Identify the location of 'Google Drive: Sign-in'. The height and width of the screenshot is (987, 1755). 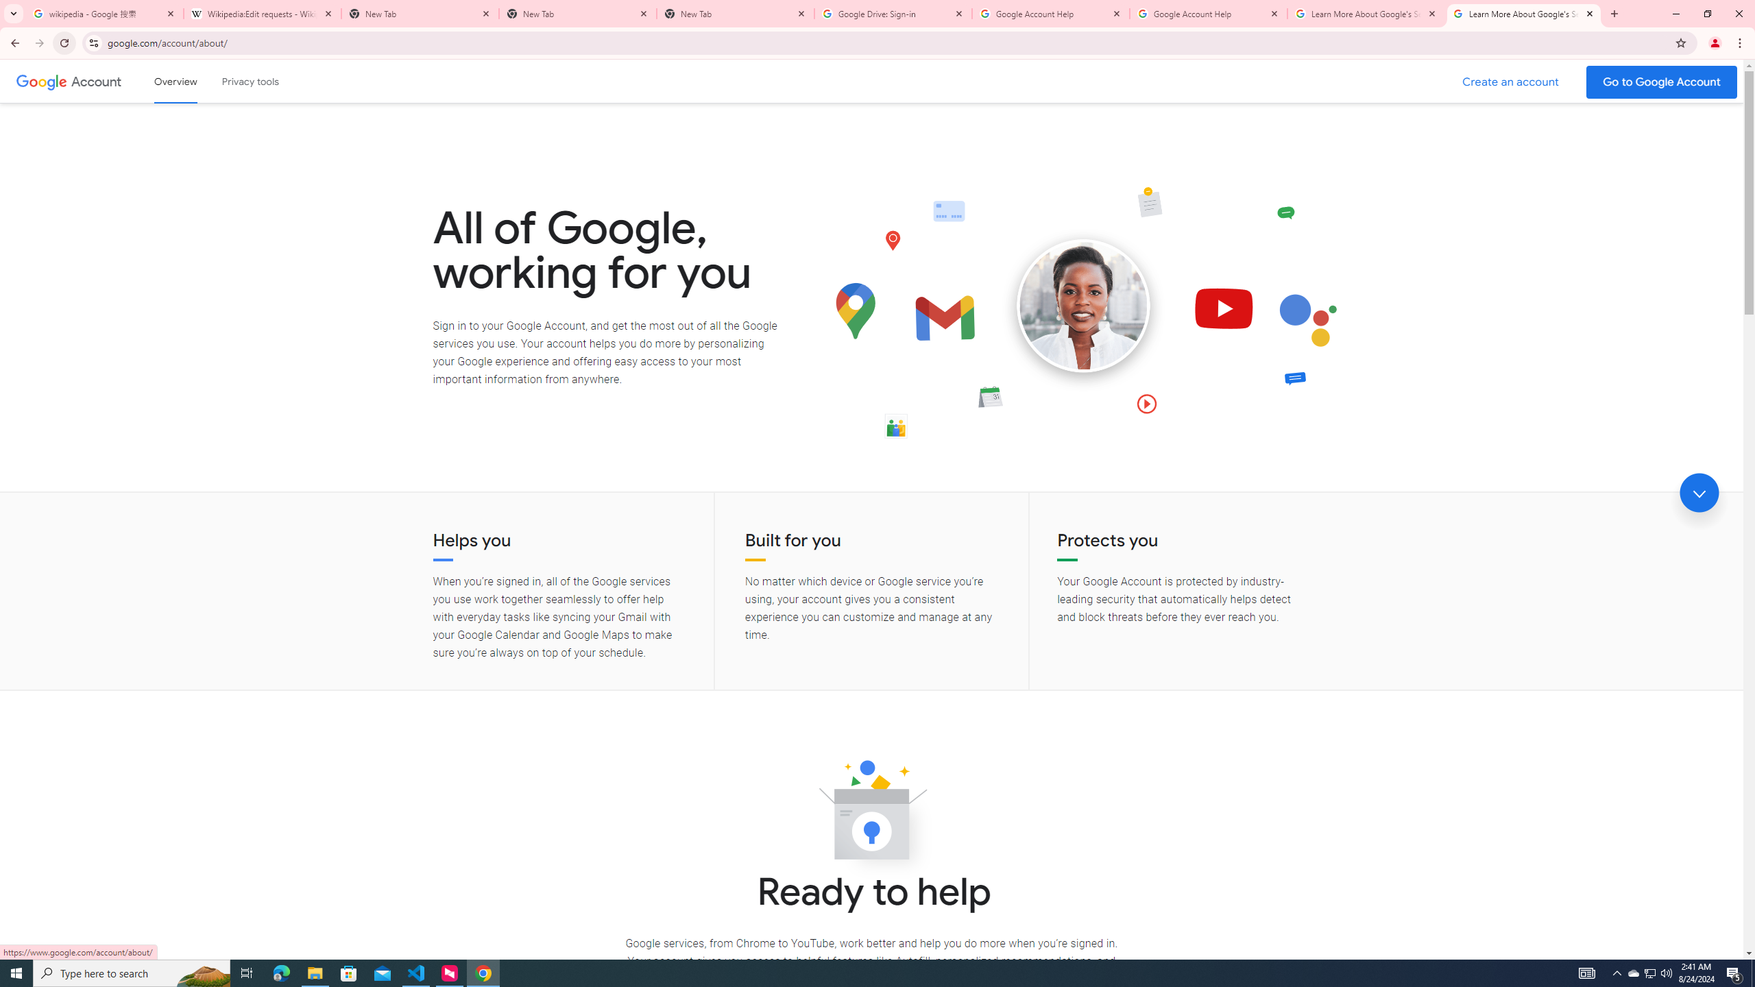
(893, 13).